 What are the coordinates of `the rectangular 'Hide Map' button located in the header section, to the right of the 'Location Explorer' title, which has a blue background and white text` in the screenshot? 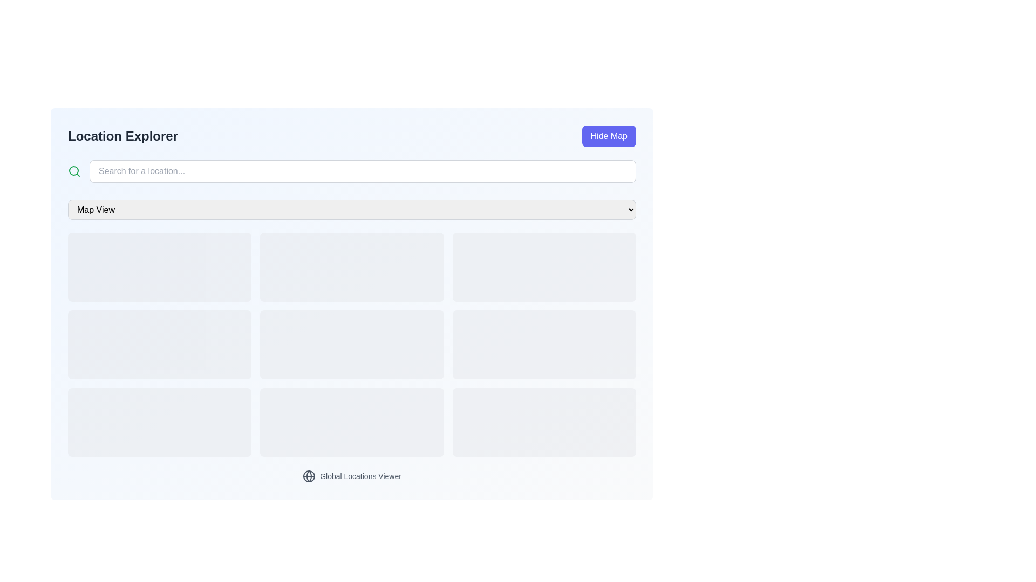 It's located at (609, 136).